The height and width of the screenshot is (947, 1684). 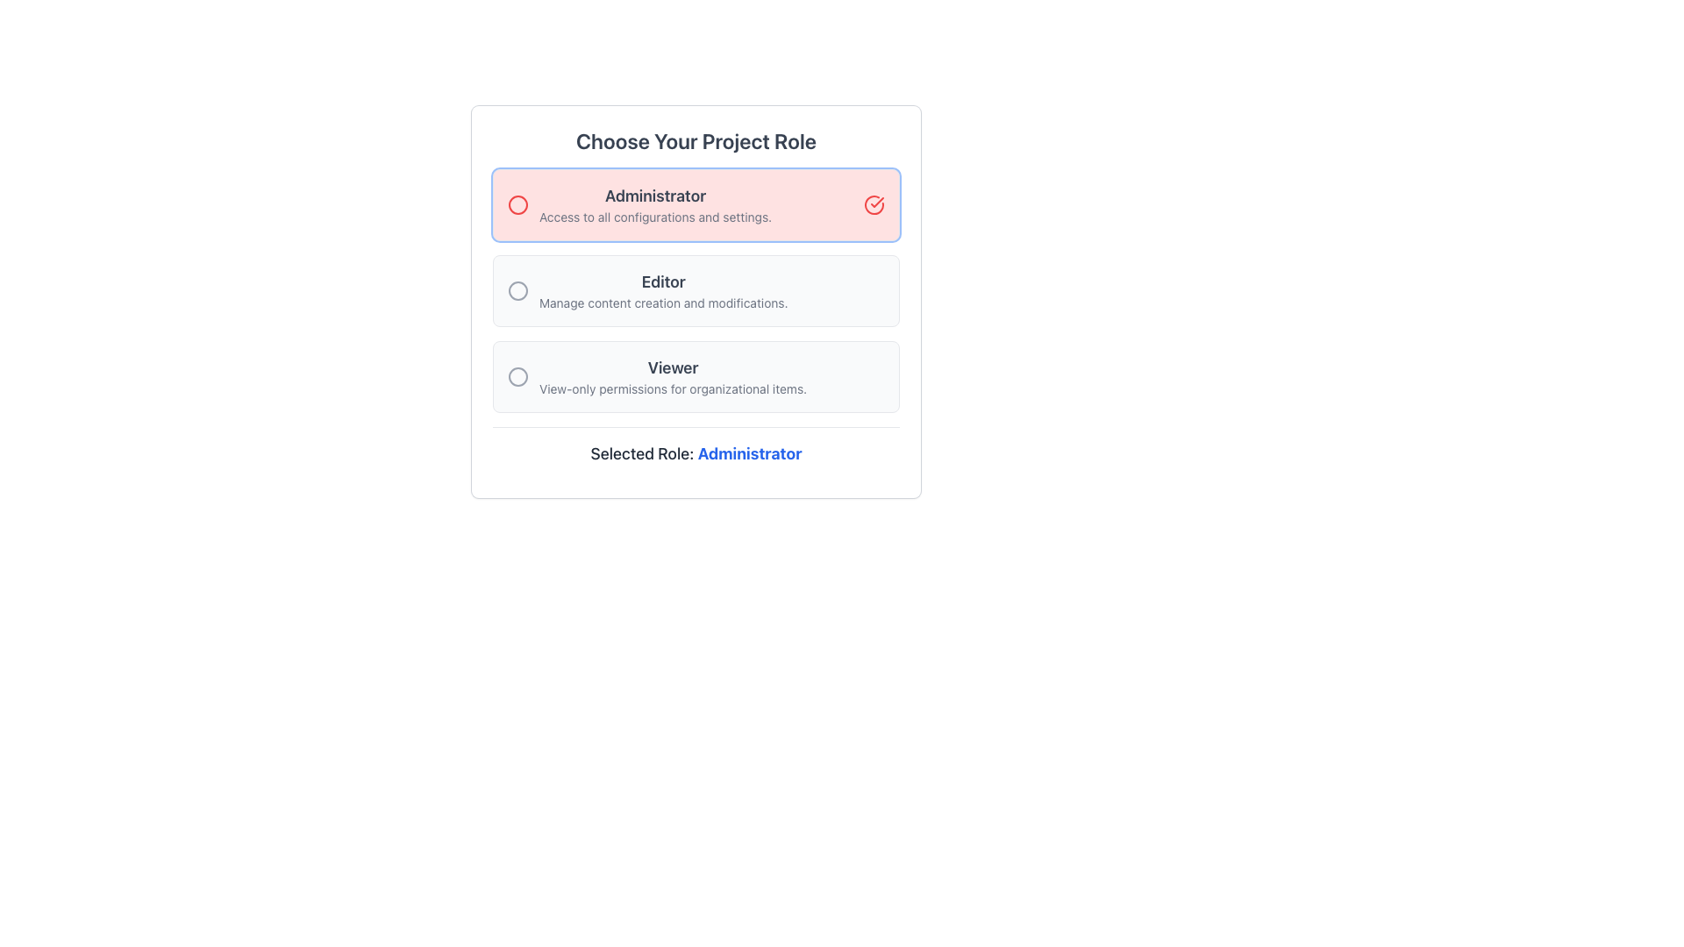 I want to click on the Text Label indicating the 'Viewer' role within the selection interface, which is positioned above the descriptive text and below the 'Editor' role option, so click(x=672, y=367).